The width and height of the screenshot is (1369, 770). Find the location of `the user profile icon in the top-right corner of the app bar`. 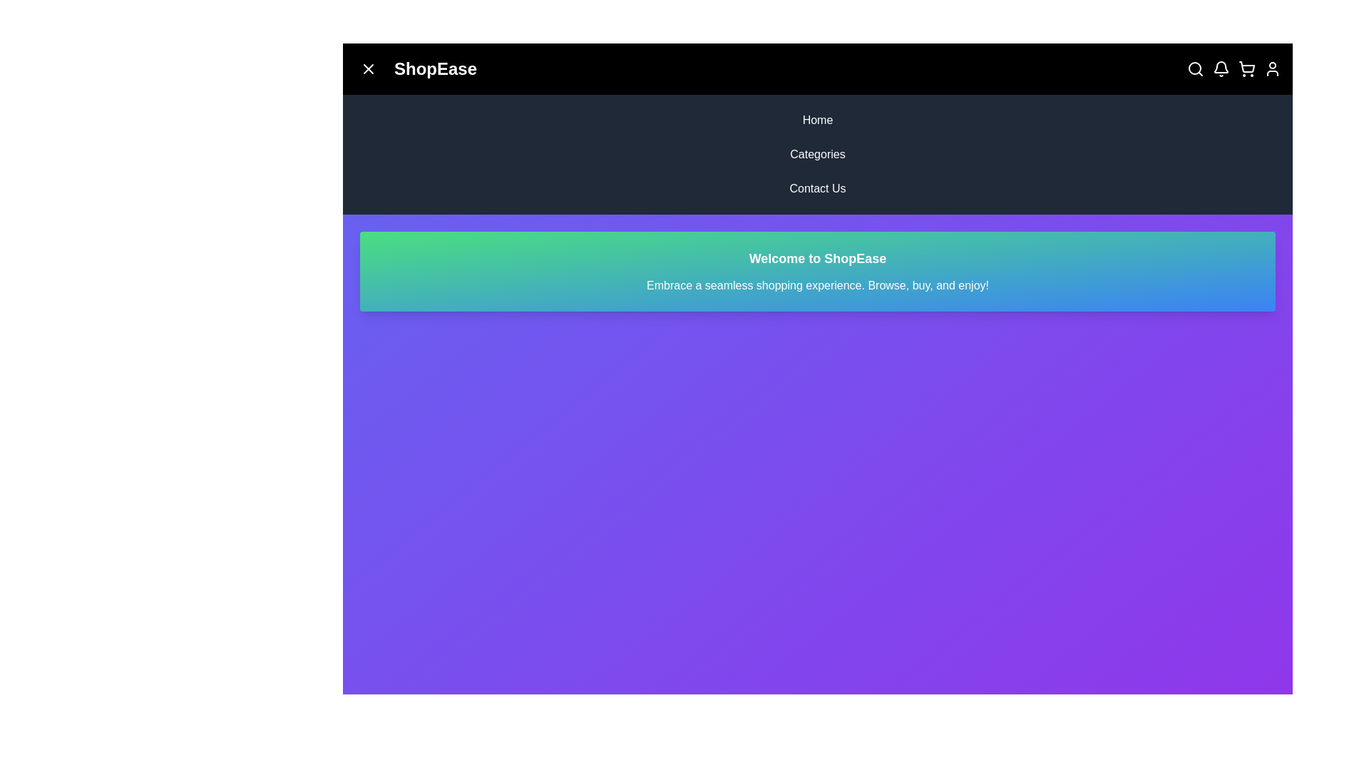

the user profile icon in the top-right corner of the app bar is located at coordinates (1273, 68).